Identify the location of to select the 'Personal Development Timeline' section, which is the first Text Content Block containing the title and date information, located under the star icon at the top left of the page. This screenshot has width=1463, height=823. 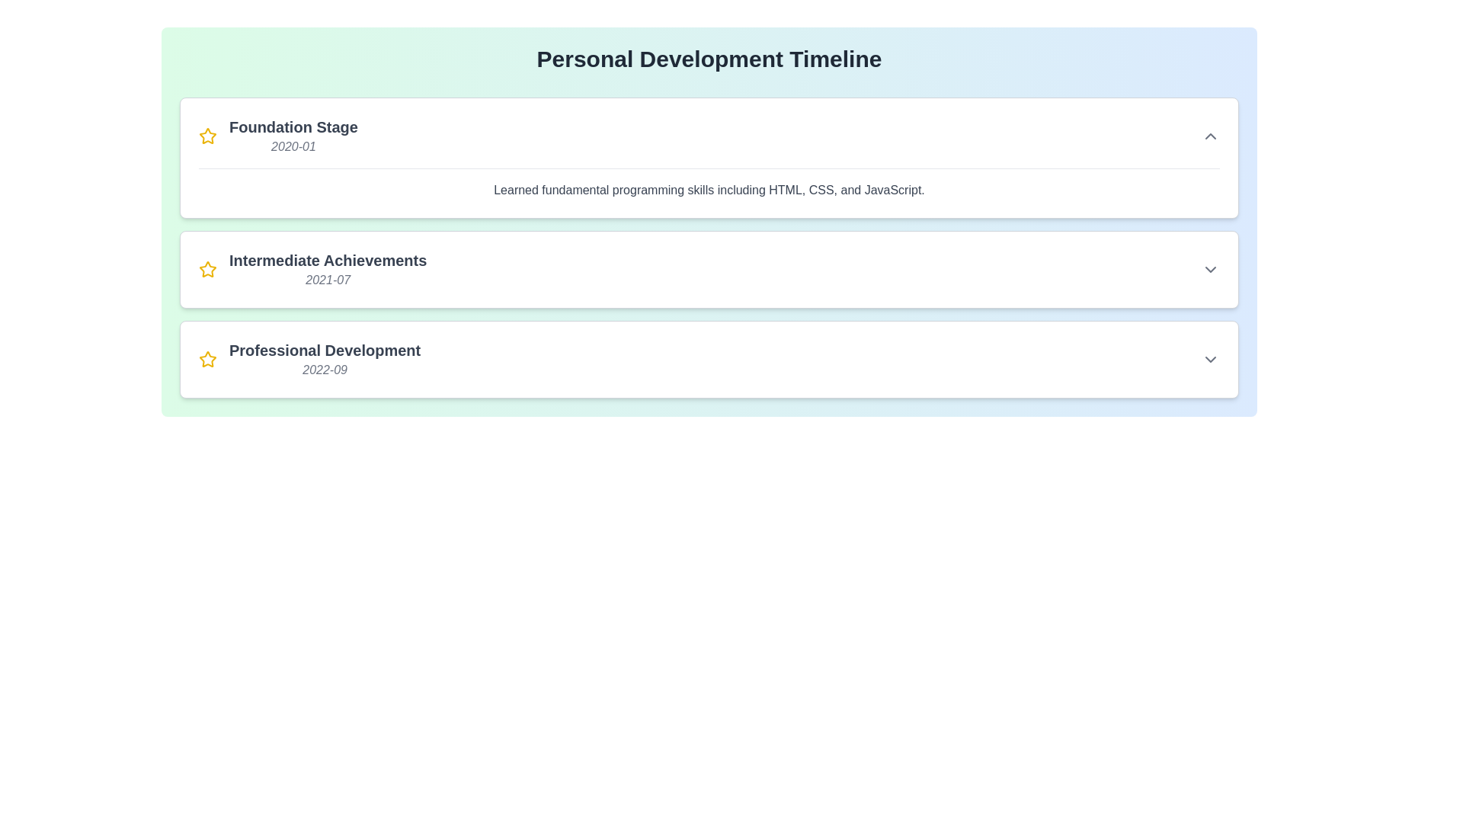
(293, 135).